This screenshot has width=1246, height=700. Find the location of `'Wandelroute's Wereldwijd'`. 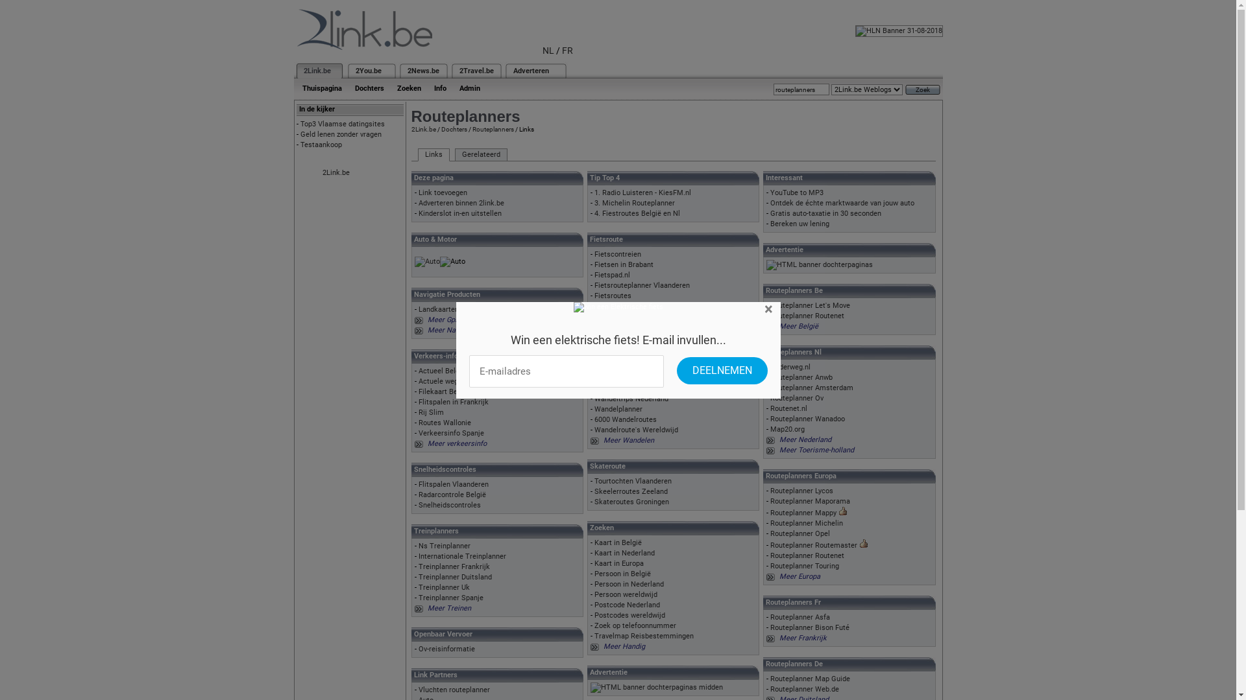

'Wandelroute's Wereldwijd' is located at coordinates (636, 430).